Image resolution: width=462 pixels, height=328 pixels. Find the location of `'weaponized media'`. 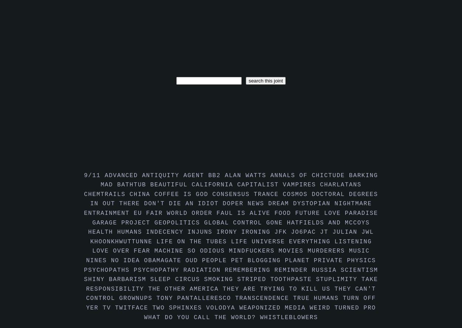

'weaponized media' is located at coordinates (274, 308).